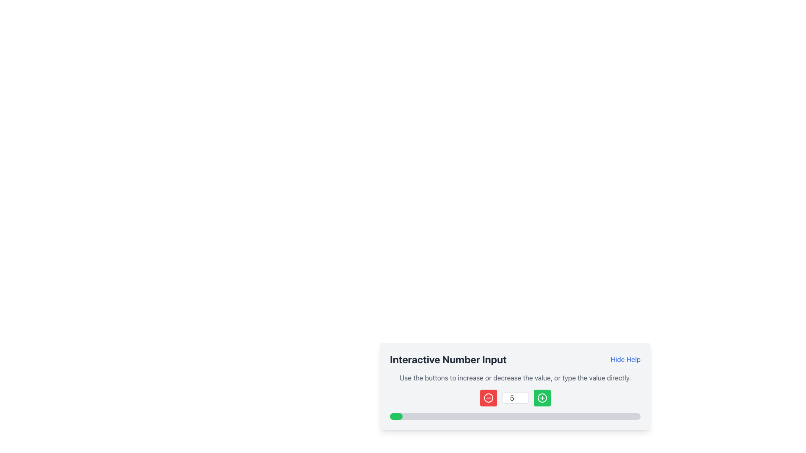 The width and height of the screenshot is (806, 453). What do you see at coordinates (395, 416) in the screenshot?
I see `the thin, green progress bar segment located at the left end of the horizontal gray progress bar near the bottom of the interface` at bounding box center [395, 416].